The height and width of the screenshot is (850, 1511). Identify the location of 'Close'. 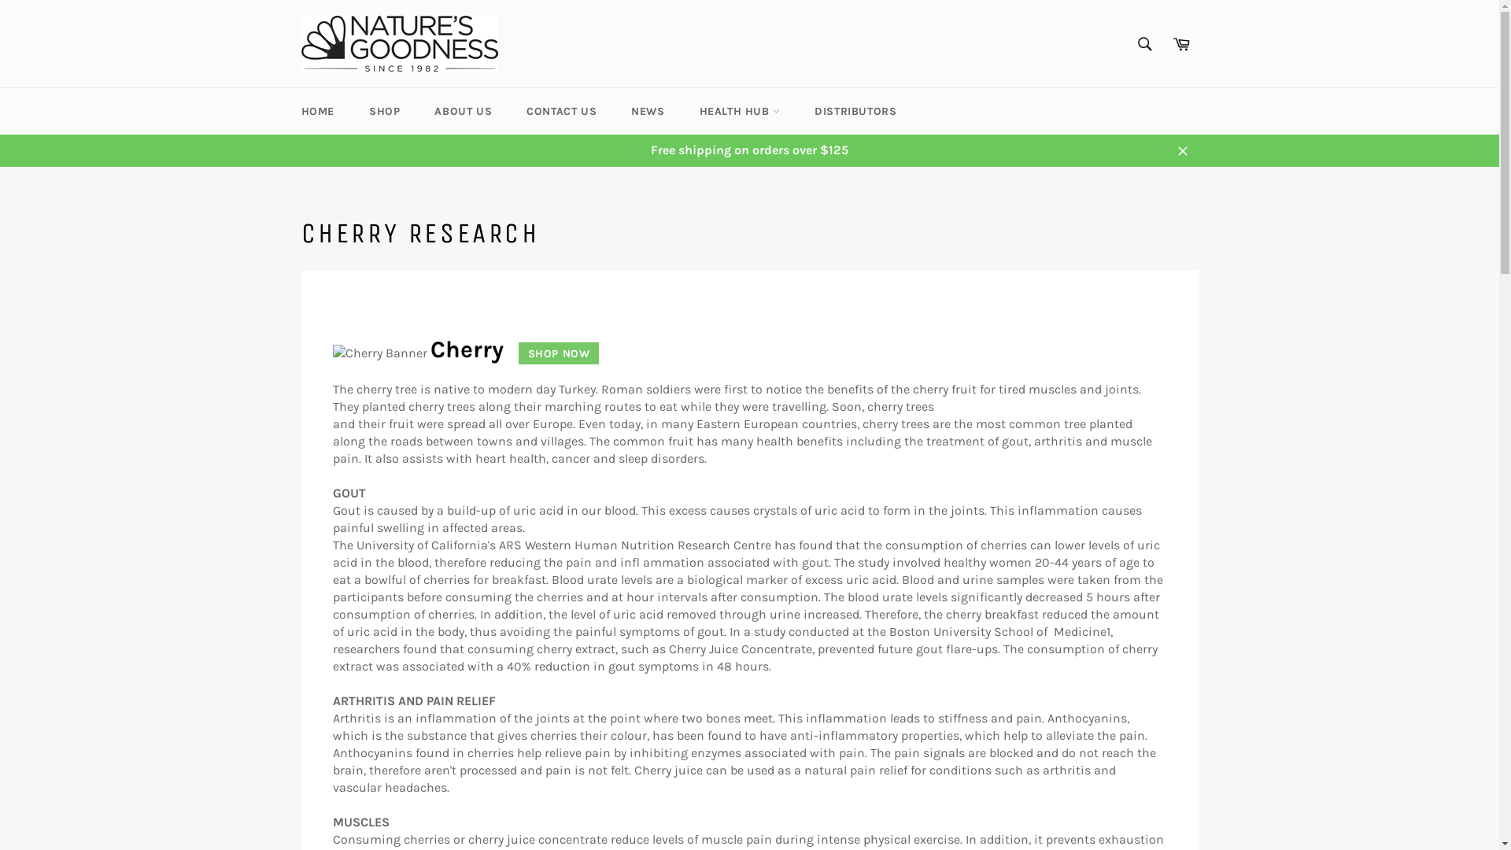
(1166, 150).